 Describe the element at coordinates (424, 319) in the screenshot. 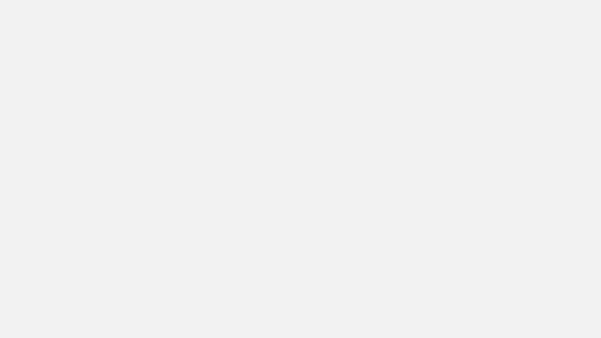

I see `Cookie Preferences` at that location.